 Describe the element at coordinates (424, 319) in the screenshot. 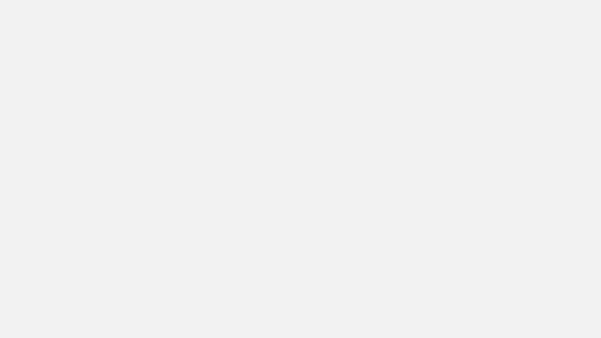

I see `Cookie Preferences` at that location.